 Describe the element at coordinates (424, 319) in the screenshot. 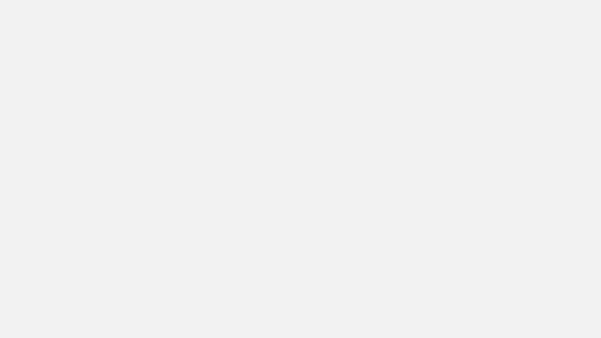

I see `Cookie Preferences` at that location.